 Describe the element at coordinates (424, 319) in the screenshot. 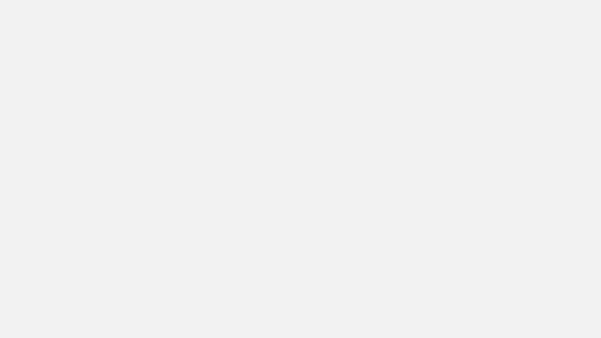

I see `Cookie Preferences` at that location.